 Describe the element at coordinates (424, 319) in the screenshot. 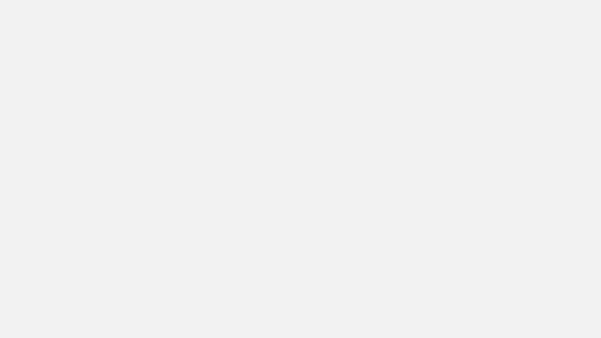

I see `Cookie Preferences` at that location.